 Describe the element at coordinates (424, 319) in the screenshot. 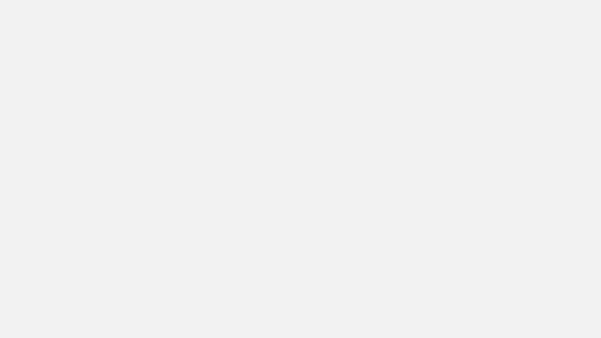

I see `Cookie Preferences` at that location.